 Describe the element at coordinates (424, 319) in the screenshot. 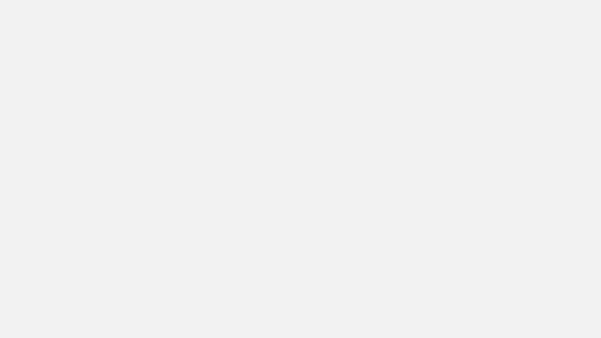

I see `Cookie Preferences` at that location.